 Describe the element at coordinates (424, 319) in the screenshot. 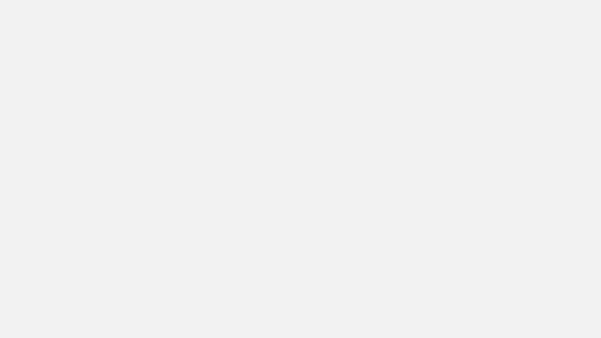

I see `Cookie Preferences` at that location.